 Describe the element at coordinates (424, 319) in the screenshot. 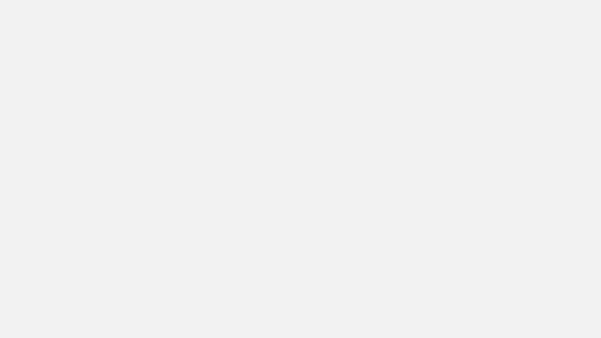

I see `Cookie Preferences` at that location.